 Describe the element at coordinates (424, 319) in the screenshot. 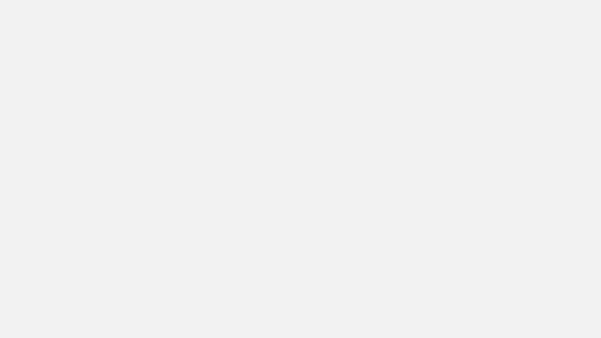

I see `Cookie Preferences` at that location.